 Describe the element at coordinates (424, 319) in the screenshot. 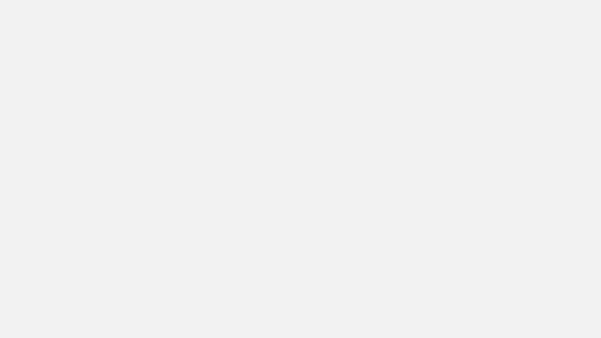

I see `Cookie Preferences` at that location.